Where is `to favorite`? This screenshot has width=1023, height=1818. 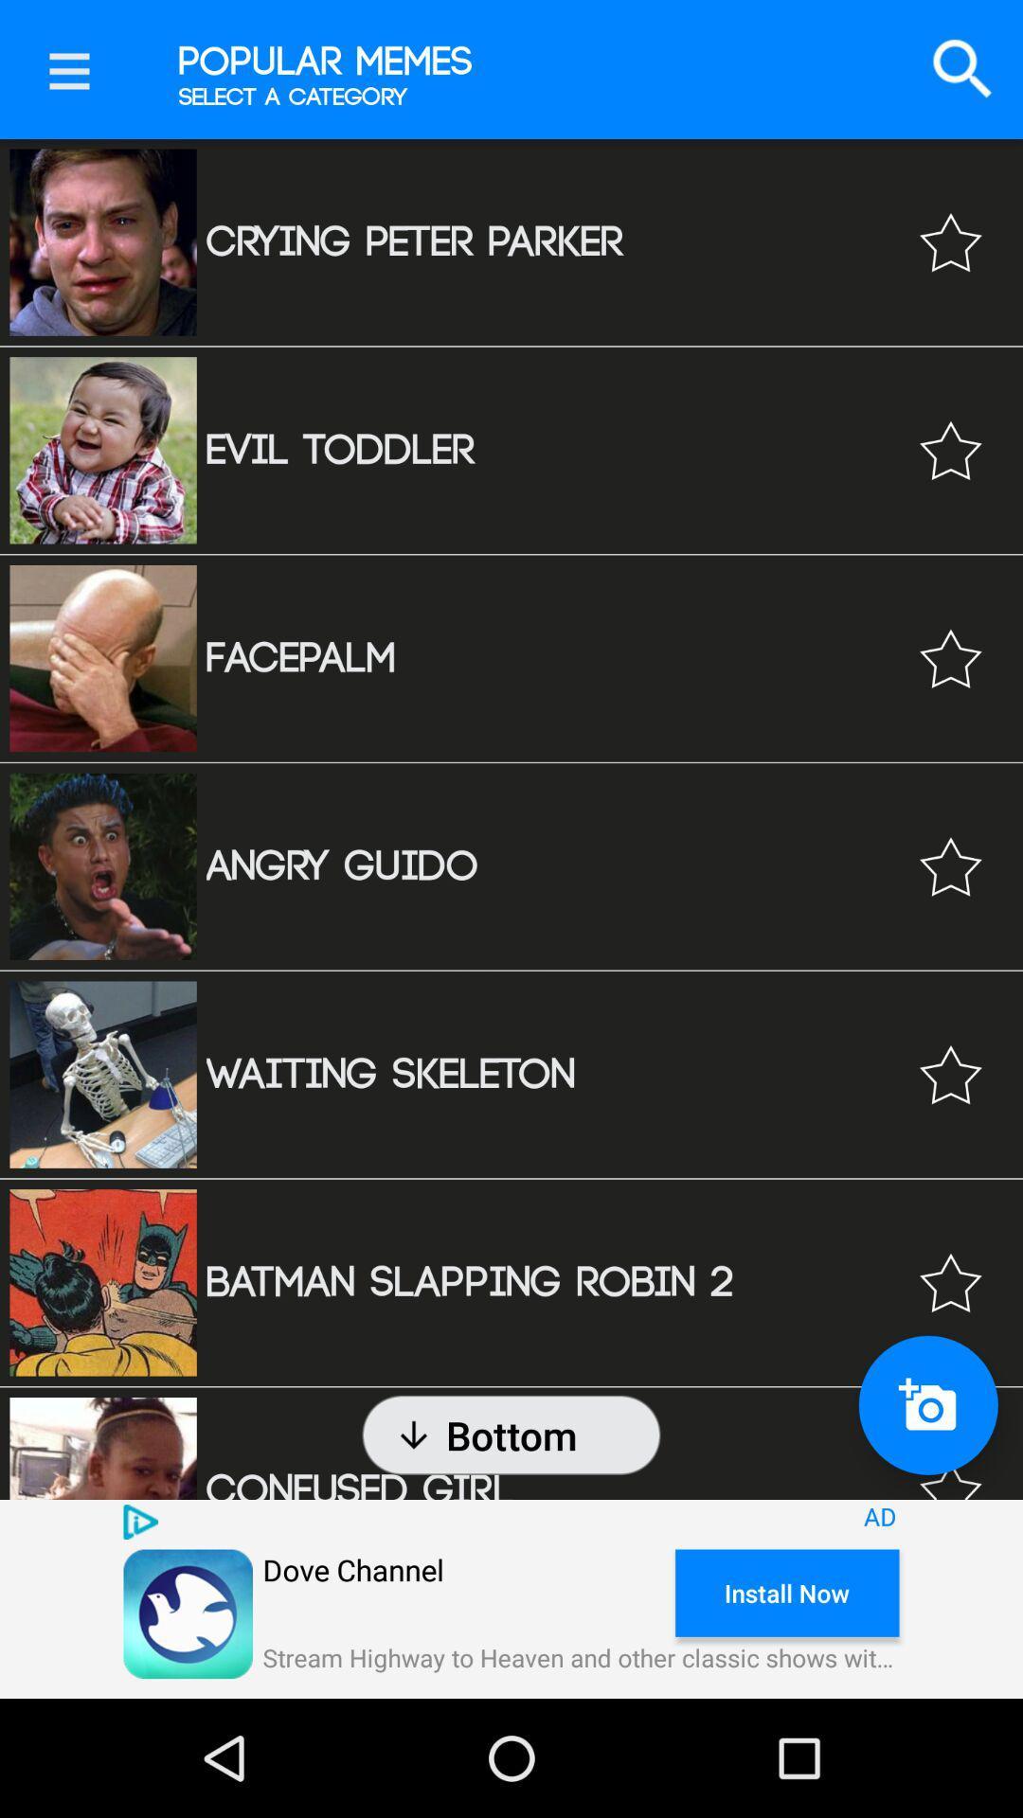 to favorite is located at coordinates (950, 449).